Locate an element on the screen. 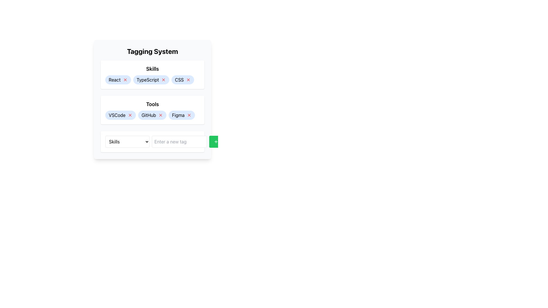 The image size is (548, 308). the 'X' button on the 'React' tag located in the 'Skills' section is located at coordinates (118, 80).